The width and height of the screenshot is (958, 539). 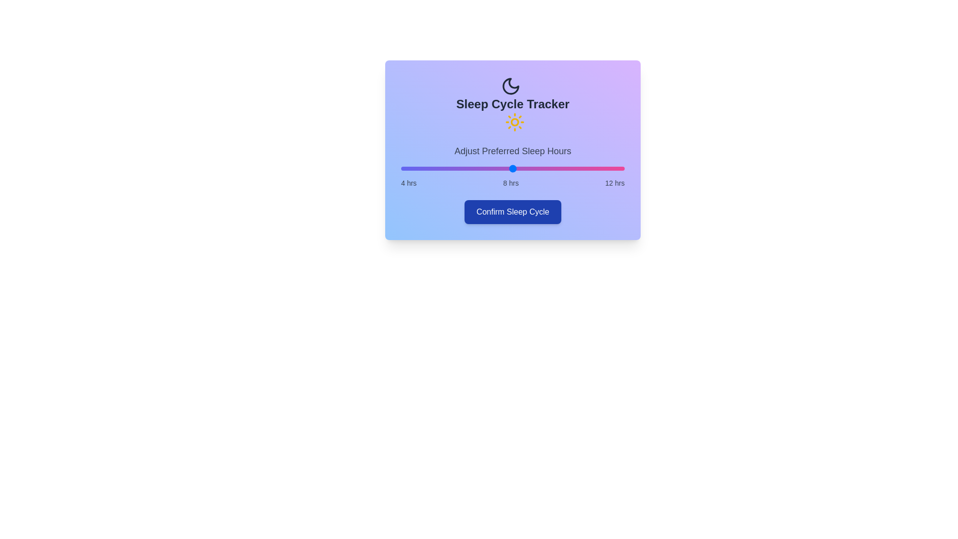 What do you see at coordinates (596, 168) in the screenshot?
I see `the sleep hours slider to 11 hours` at bounding box center [596, 168].